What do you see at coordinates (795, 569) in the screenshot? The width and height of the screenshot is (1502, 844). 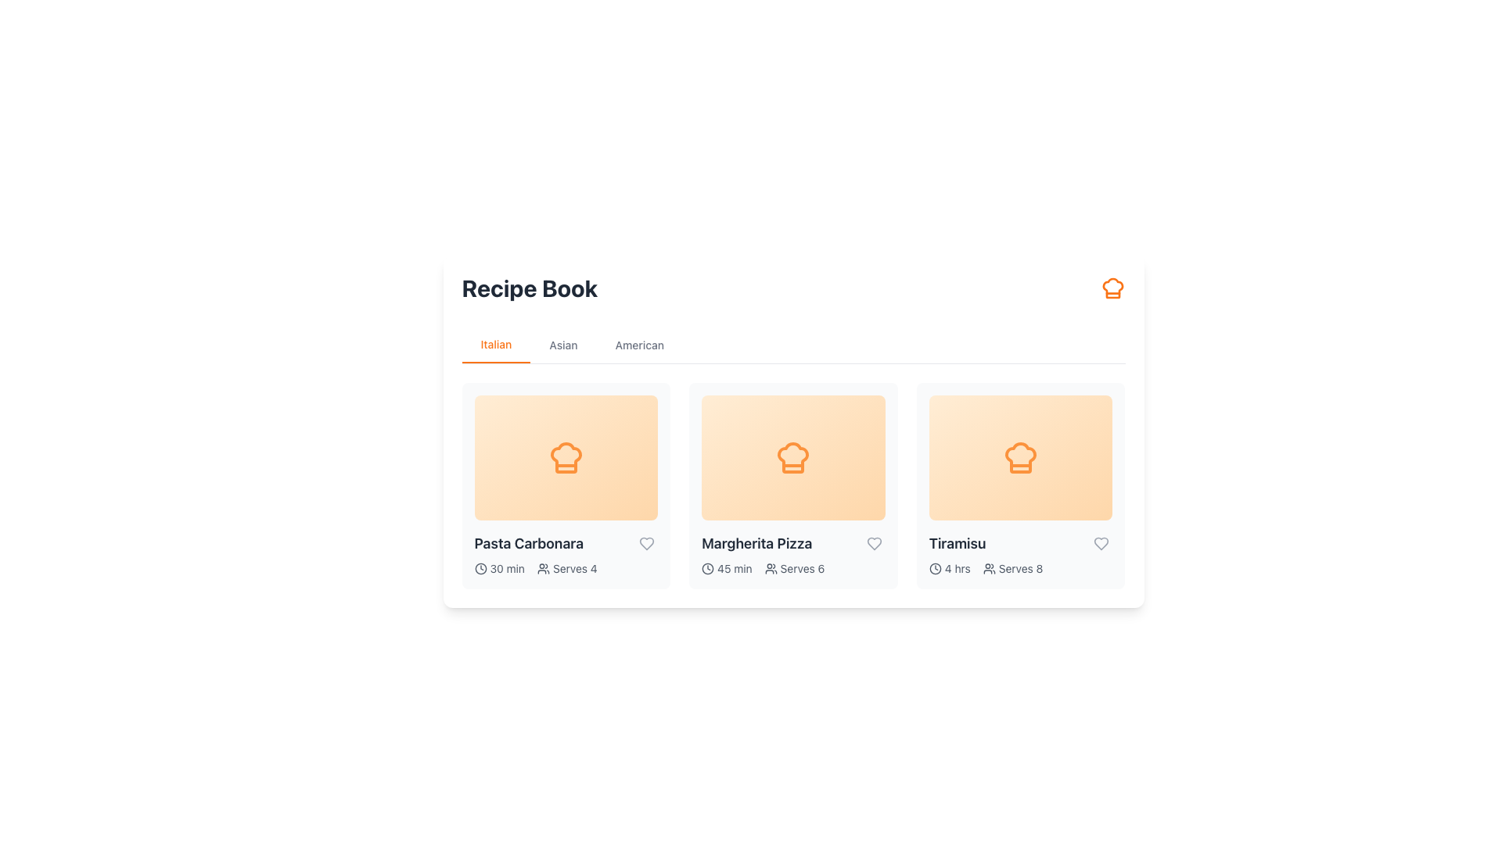 I see `the text label indicating the serving size of the recipe for 'Margherita Pizza', located at the bottom-right corner of the card, next to the '45 min' information` at bounding box center [795, 569].